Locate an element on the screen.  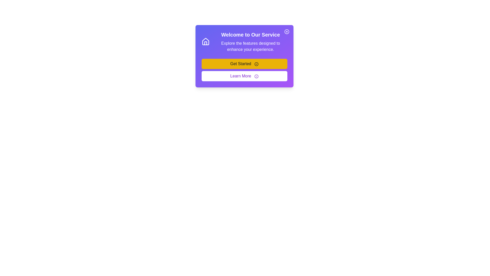
the 'Learn More' button, which has rounded edges, a white background, purple text, and a purple 'i' icon on its right is located at coordinates (244, 76).